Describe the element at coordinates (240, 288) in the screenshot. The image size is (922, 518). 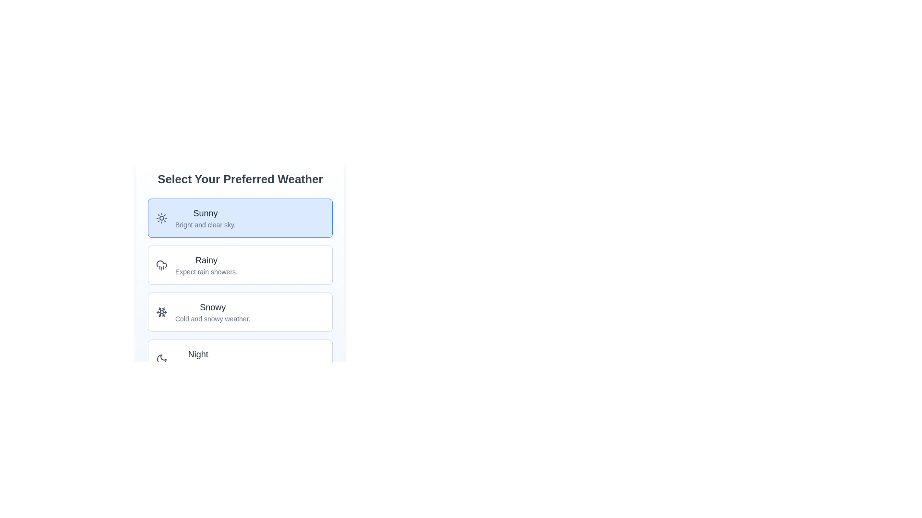
I see `the selectable weather option titled 'Rainy' which is the second option under 'Select Your Preferred Weather'` at that location.